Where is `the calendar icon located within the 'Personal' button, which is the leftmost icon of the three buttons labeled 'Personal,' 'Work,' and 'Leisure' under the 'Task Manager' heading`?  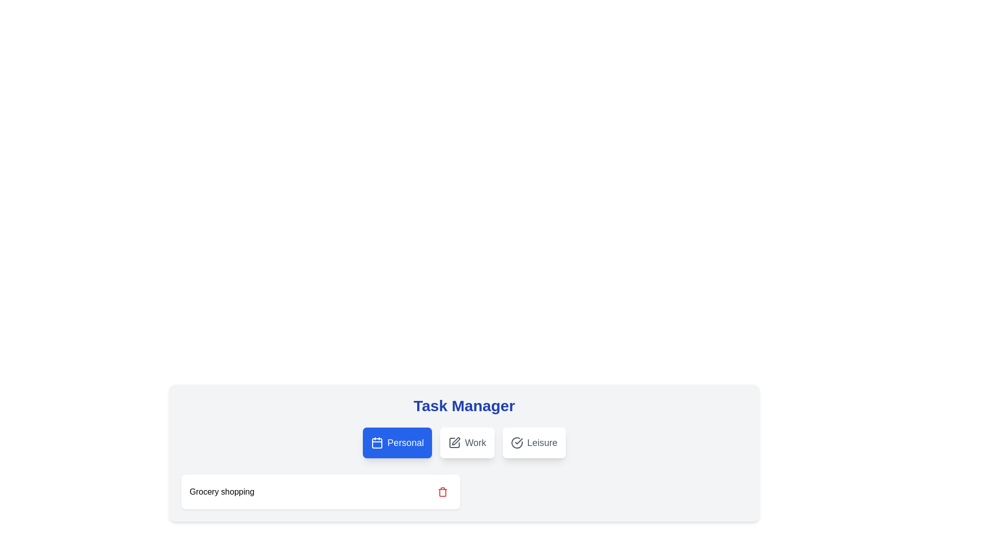 the calendar icon located within the 'Personal' button, which is the leftmost icon of the three buttons labeled 'Personal,' 'Work,' and 'Leisure' under the 'Task Manager' heading is located at coordinates (377, 443).